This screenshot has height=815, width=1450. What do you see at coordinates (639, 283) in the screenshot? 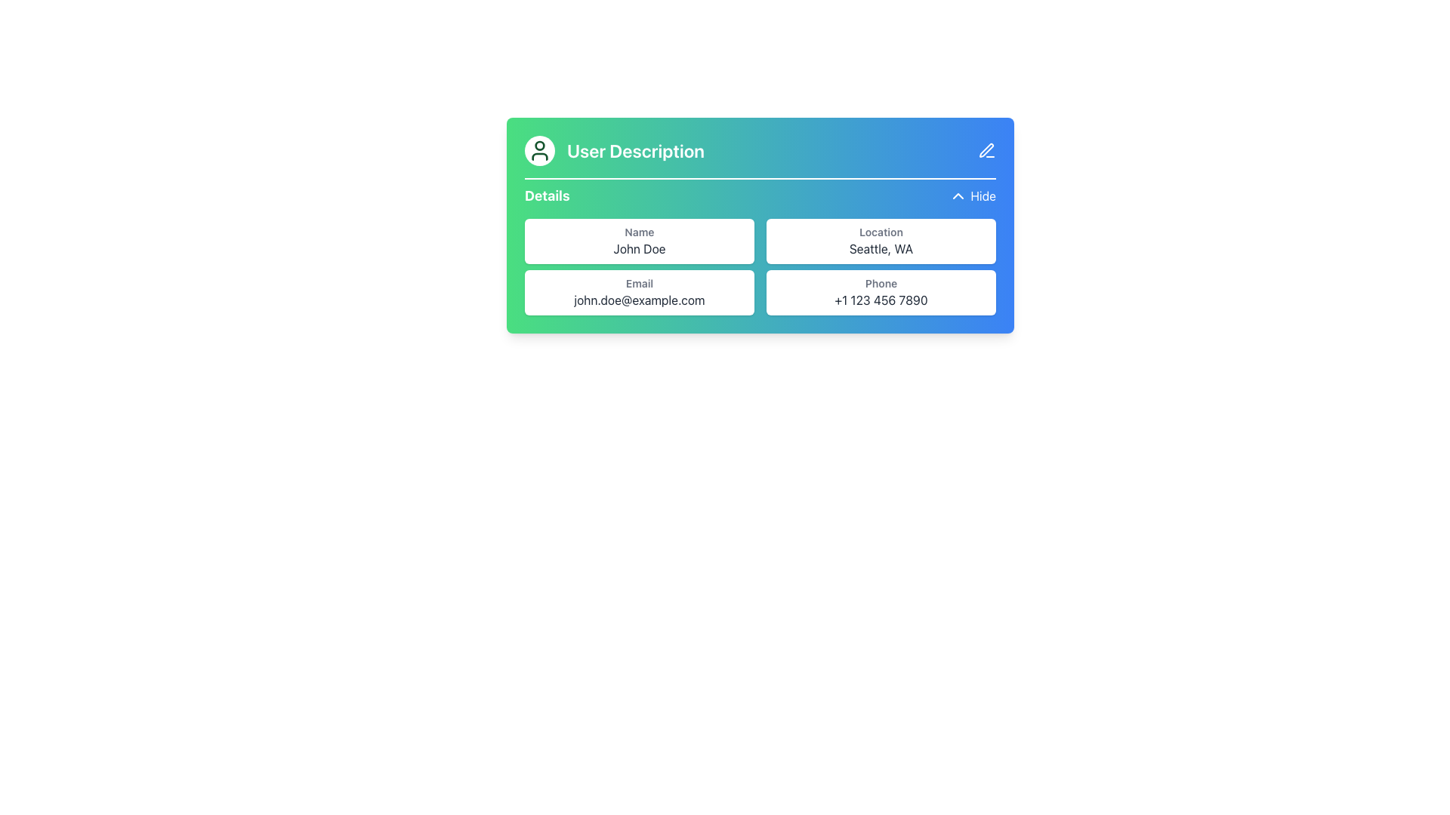
I see `the 'Email' text label that indicates the email address 'john.doe@example.com' within the 'Details' card located in the bottom-left quadrant of the interface` at bounding box center [639, 283].